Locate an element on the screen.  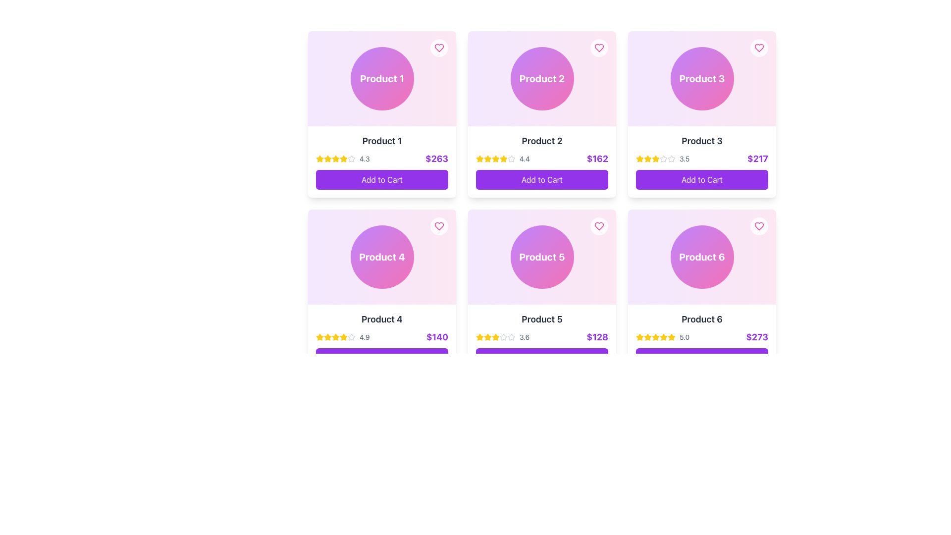
the fifth golden-yellow star icon in the rating section of the 'Product 6' card, located in the bottom-right corner of the grid is located at coordinates (656, 337).